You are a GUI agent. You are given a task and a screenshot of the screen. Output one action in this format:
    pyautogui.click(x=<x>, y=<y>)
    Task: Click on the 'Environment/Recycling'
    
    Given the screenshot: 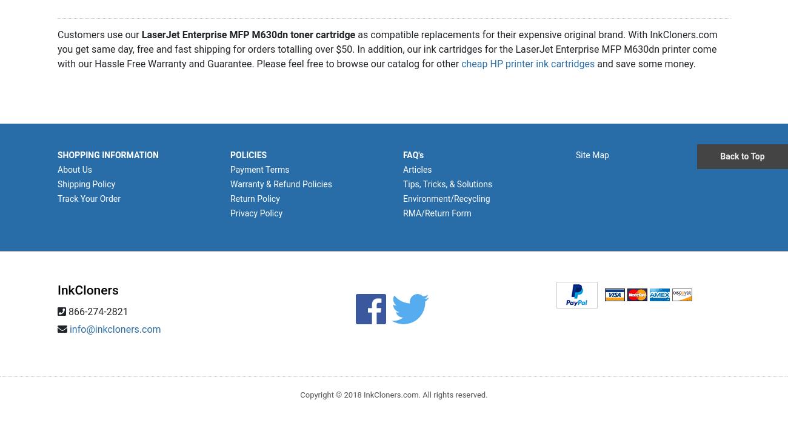 What is the action you would take?
    pyautogui.click(x=446, y=198)
    